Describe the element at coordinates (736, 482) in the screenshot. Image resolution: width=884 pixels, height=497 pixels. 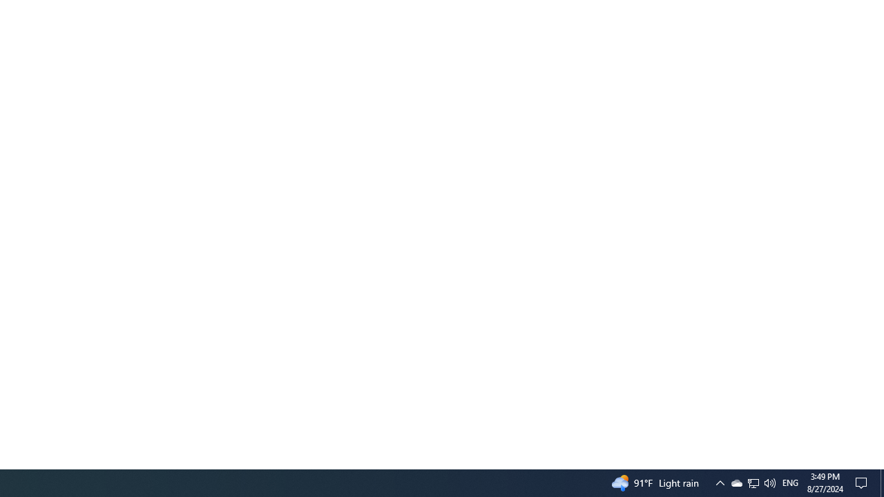
I see `'User Promoted Notification Area'` at that location.